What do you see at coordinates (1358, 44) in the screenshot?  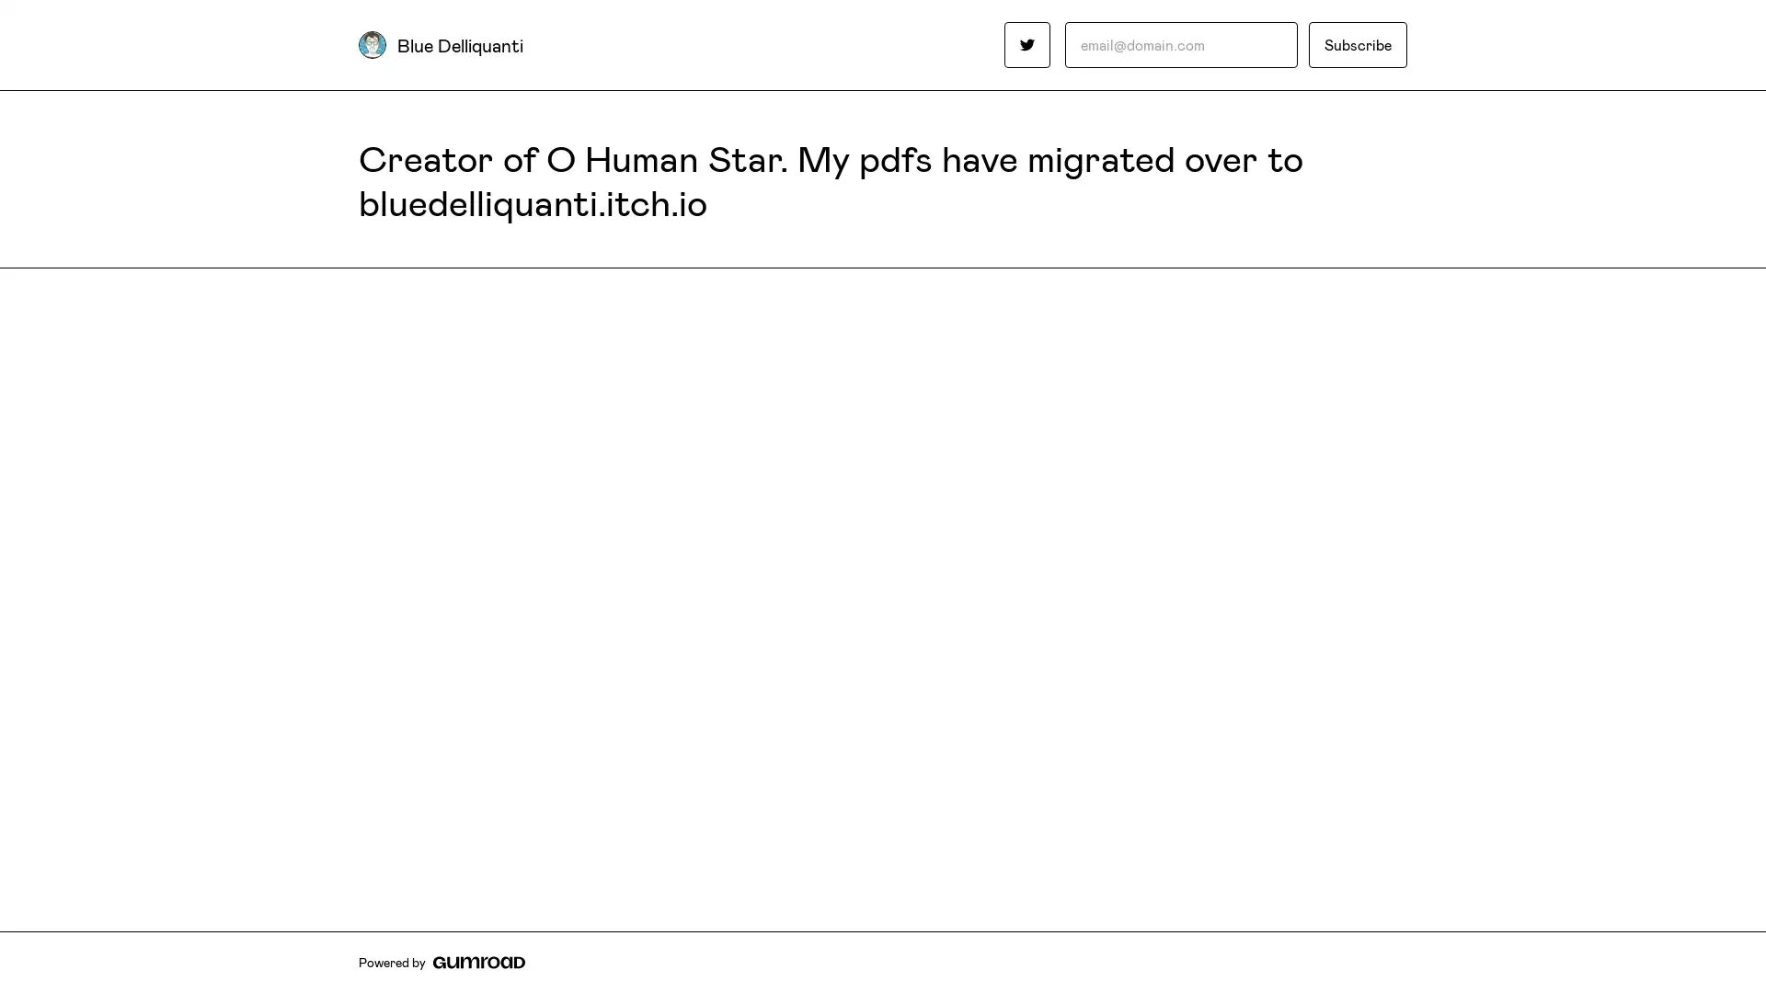 I see `Subscribe` at bounding box center [1358, 44].